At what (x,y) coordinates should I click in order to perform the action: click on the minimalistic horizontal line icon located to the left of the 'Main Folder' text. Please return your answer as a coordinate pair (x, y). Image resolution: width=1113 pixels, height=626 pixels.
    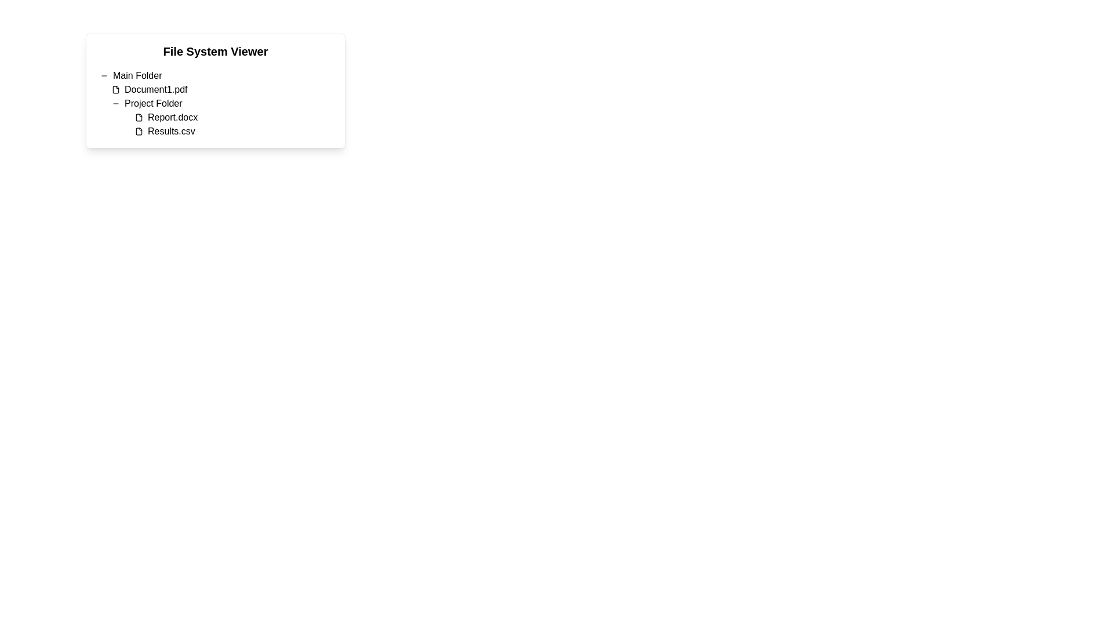
    Looking at the image, I should click on (104, 76).